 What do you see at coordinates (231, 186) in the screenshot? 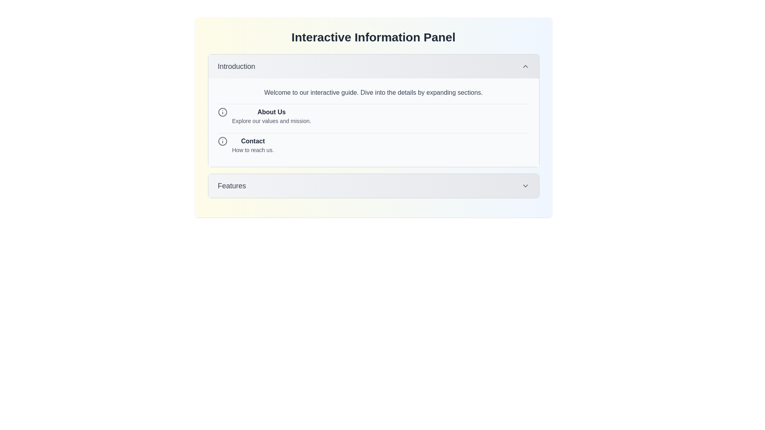
I see `the Text label that serves as a title for the 'Features' section, located in the lower section of the Interactive Information Panel, aligned to the left of a downward-pointing chevron icon` at bounding box center [231, 186].